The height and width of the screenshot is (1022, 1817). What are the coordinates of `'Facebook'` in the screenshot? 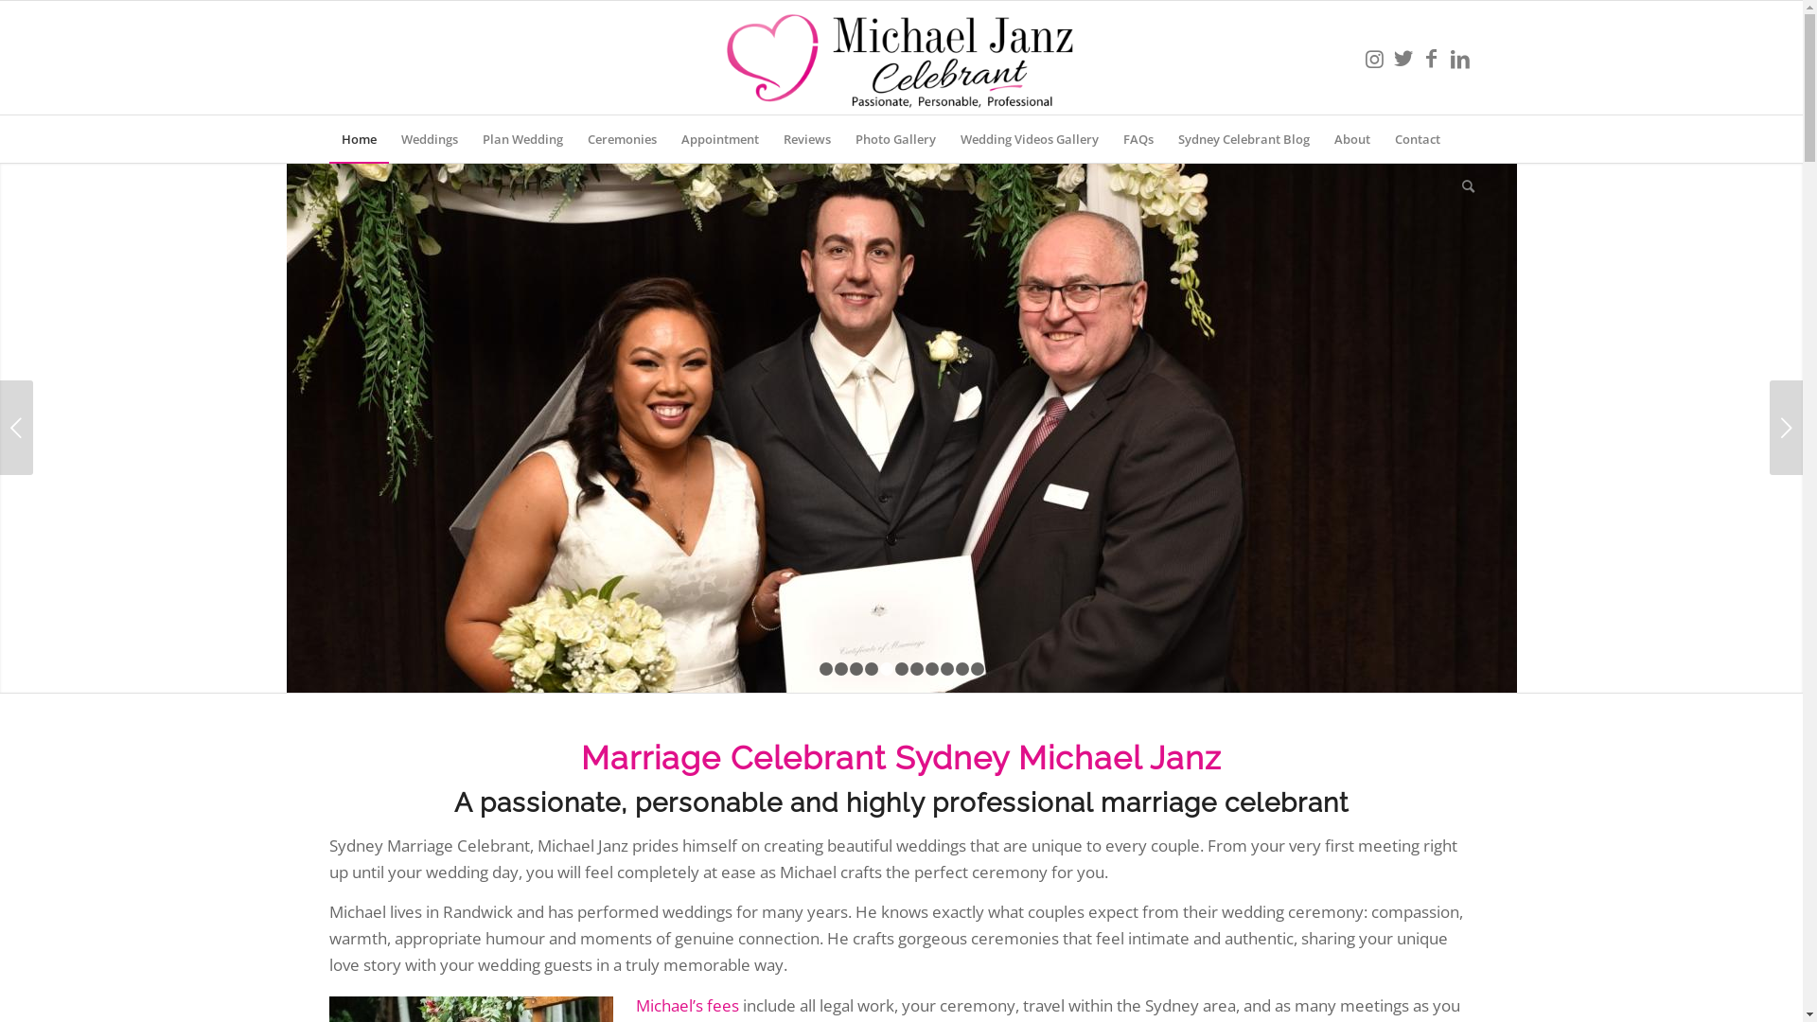 It's located at (1431, 57).